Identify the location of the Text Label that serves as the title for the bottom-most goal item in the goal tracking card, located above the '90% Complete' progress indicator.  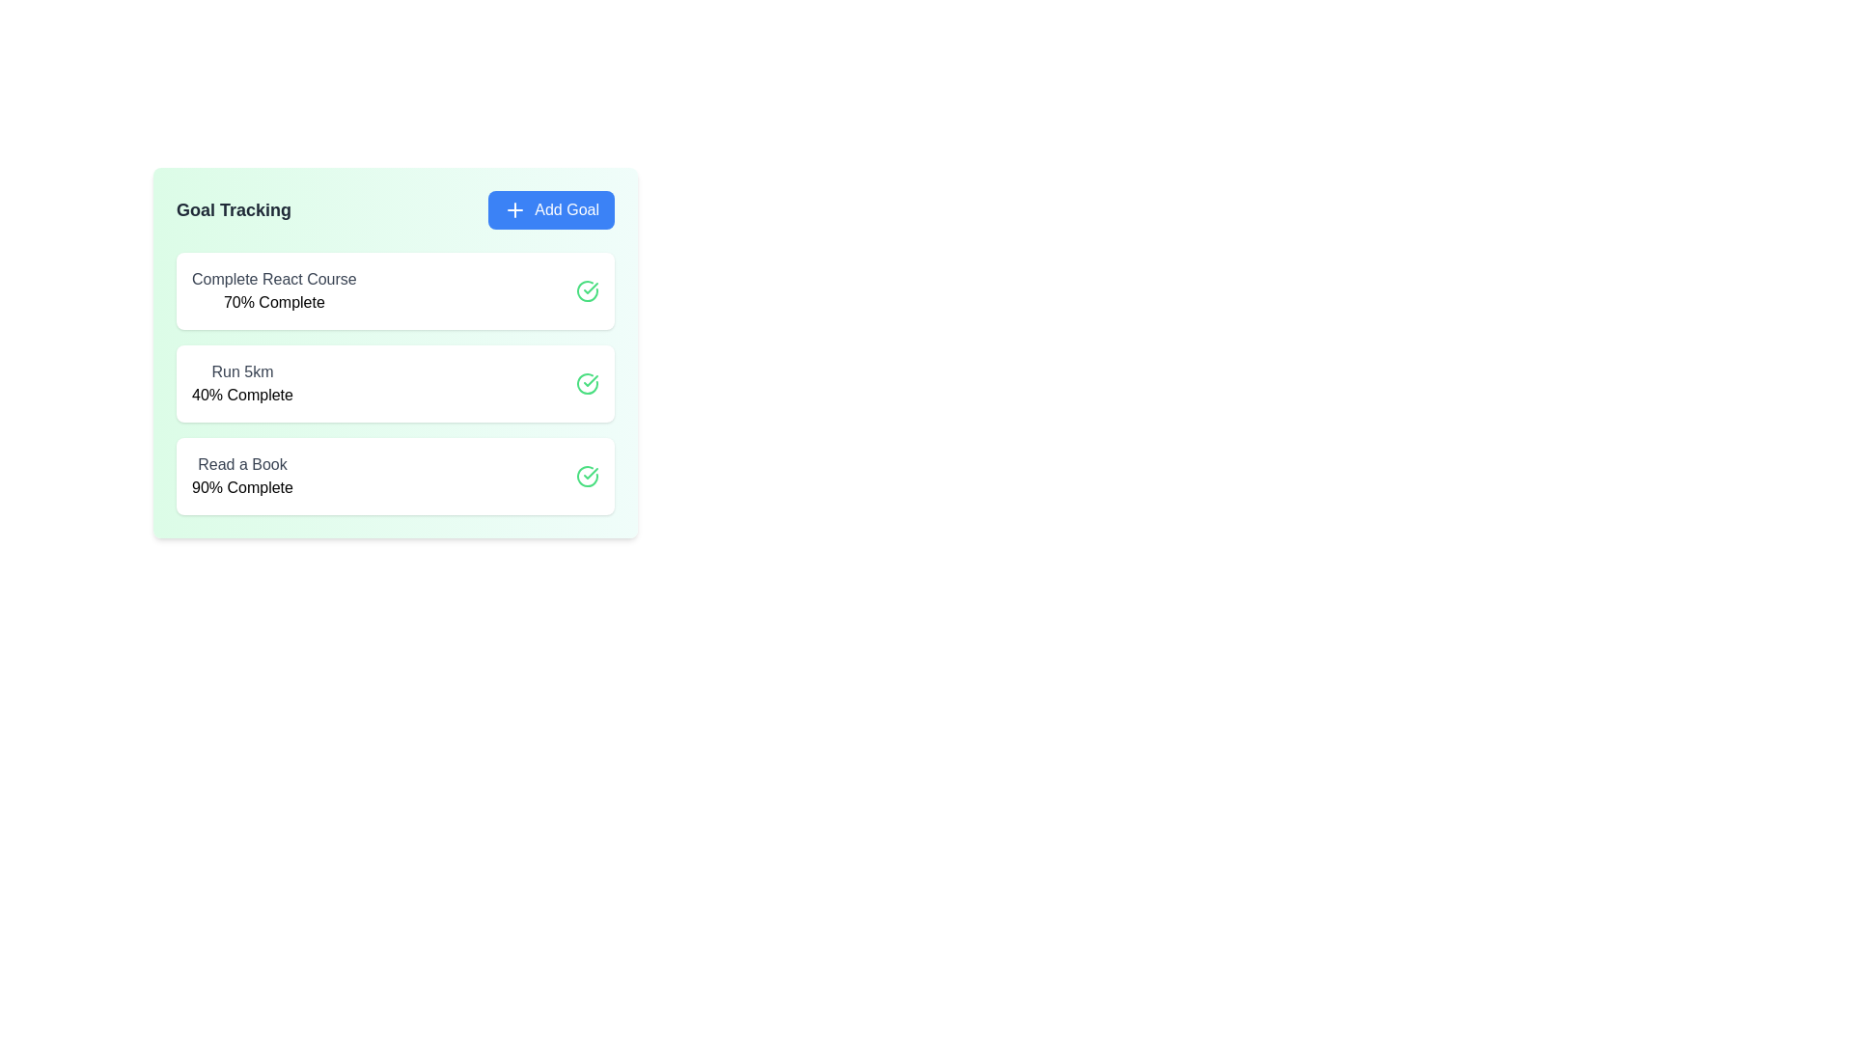
(241, 465).